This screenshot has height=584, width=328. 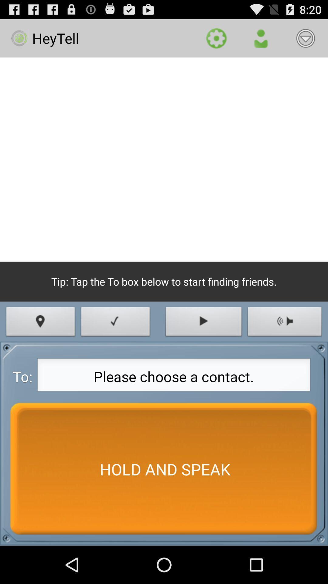 I want to click on icon on the right, so click(x=285, y=323).